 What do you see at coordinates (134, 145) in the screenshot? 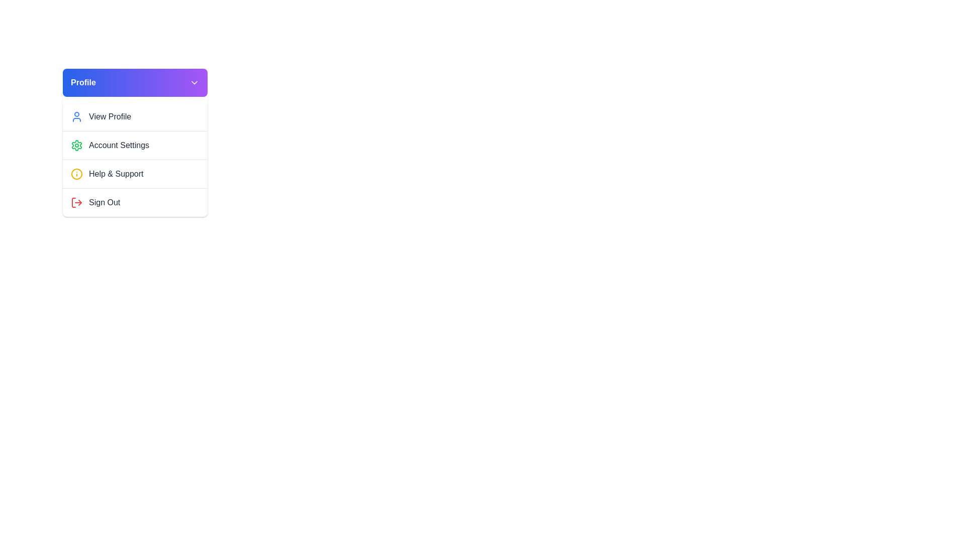
I see `the 'Account Settings' button, which is styled with dark gray text and a green cogwheel icon, located in the drop-down menu below 'View Profile' and above 'Help & Support'` at bounding box center [134, 145].